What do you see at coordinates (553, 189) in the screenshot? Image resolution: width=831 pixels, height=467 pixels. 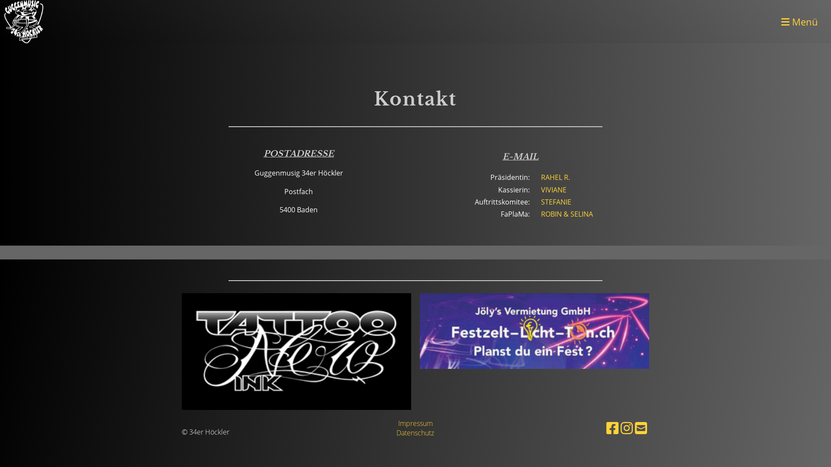 I see `'VIVIANE'` at bounding box center [553, 189].